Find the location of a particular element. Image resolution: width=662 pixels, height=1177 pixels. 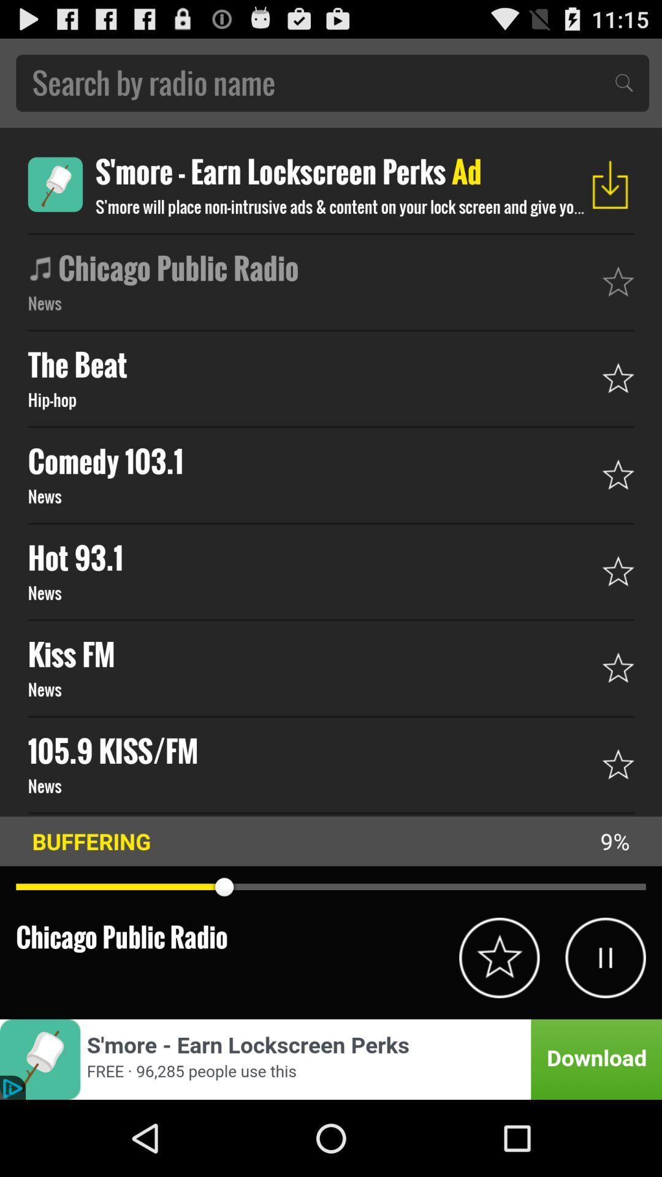

hit circled star is located at coordinates (499, 957).